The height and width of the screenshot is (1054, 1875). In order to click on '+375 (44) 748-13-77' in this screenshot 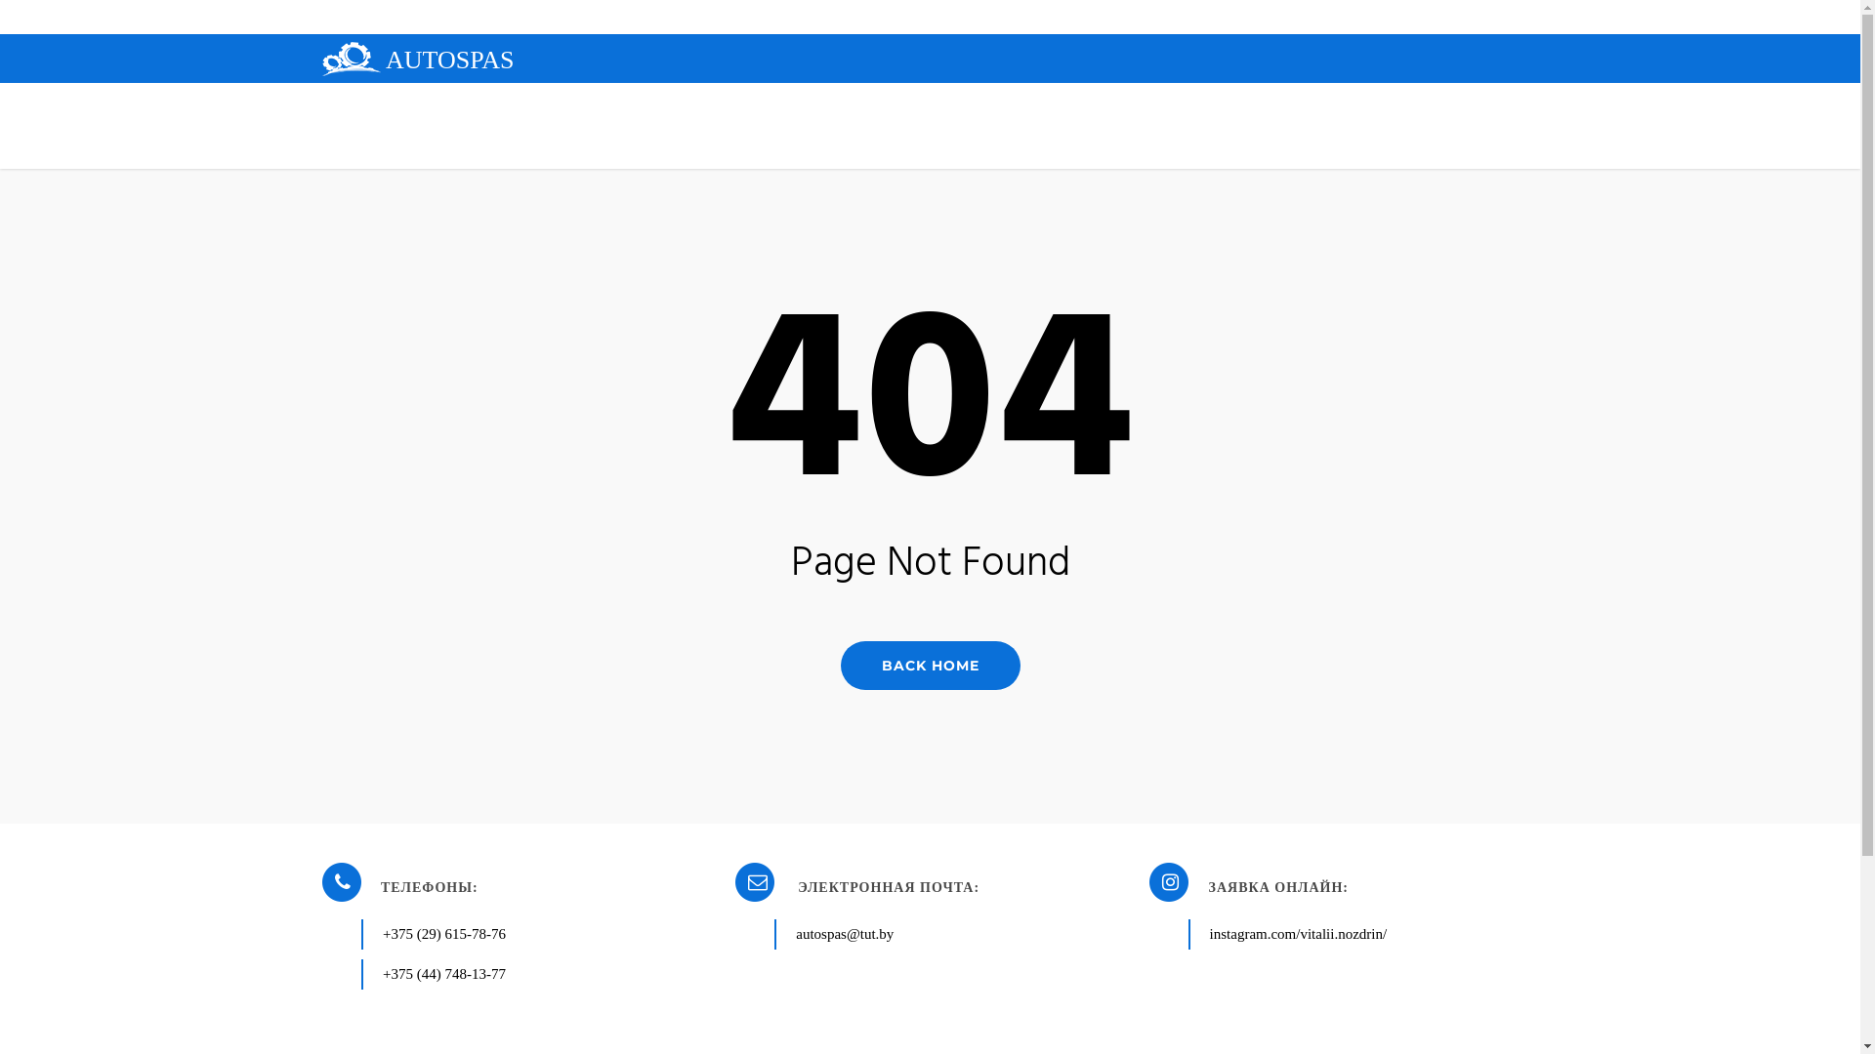, I will do `click(443, 974)`.